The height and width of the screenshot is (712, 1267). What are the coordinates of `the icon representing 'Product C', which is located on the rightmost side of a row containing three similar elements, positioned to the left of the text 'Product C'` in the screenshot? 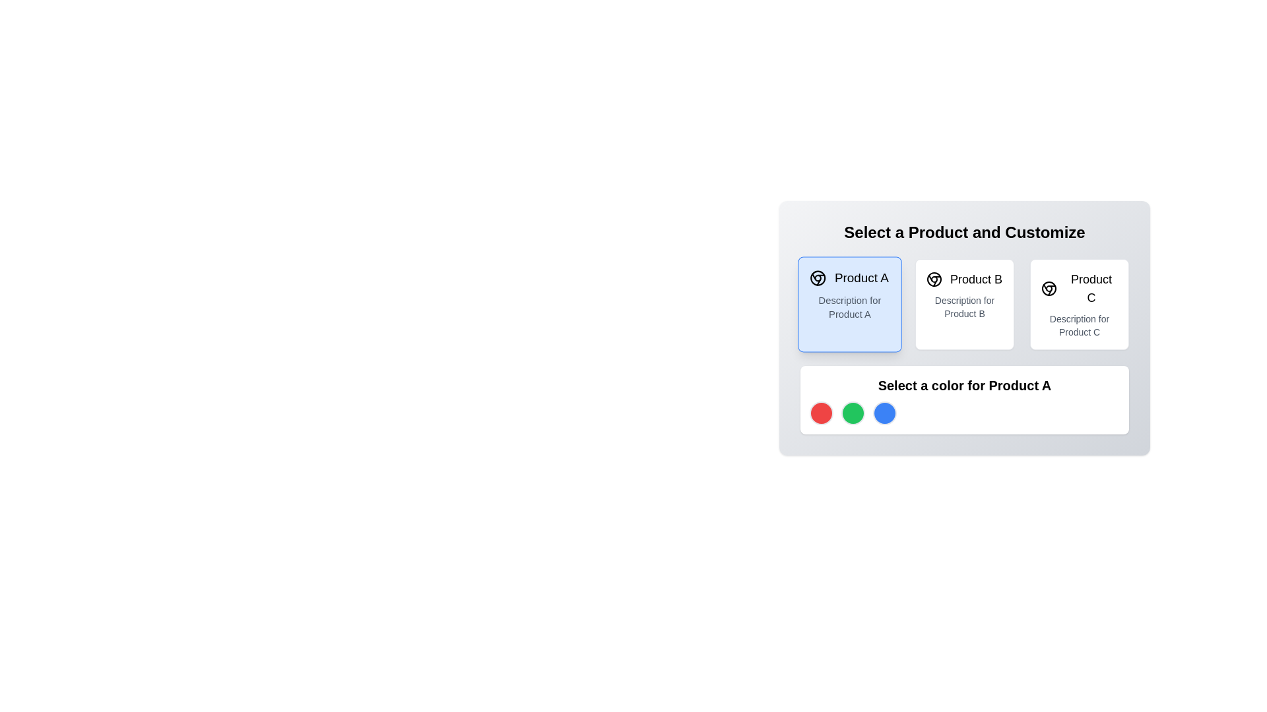 It's located at (1048, 288).